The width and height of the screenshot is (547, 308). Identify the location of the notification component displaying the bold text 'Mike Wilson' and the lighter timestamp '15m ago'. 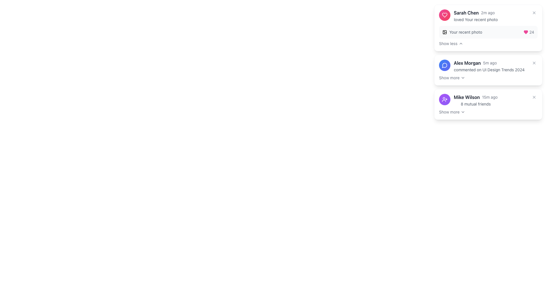
(475, 97).